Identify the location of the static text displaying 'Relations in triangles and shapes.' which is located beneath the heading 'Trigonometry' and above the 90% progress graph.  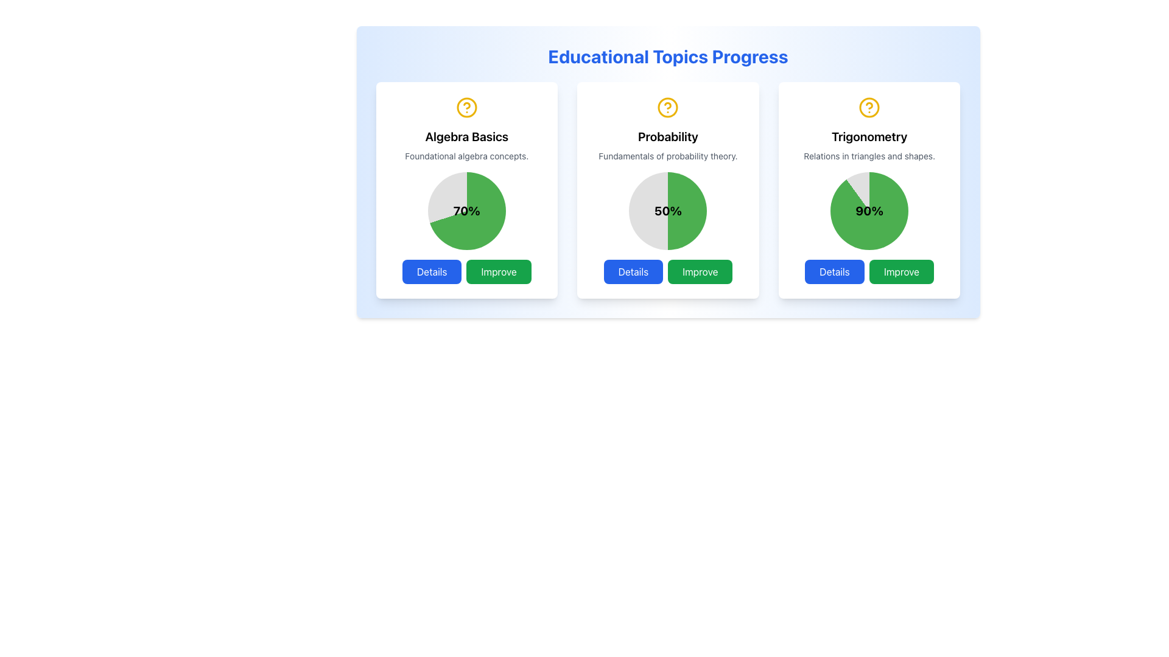
(869, 156).